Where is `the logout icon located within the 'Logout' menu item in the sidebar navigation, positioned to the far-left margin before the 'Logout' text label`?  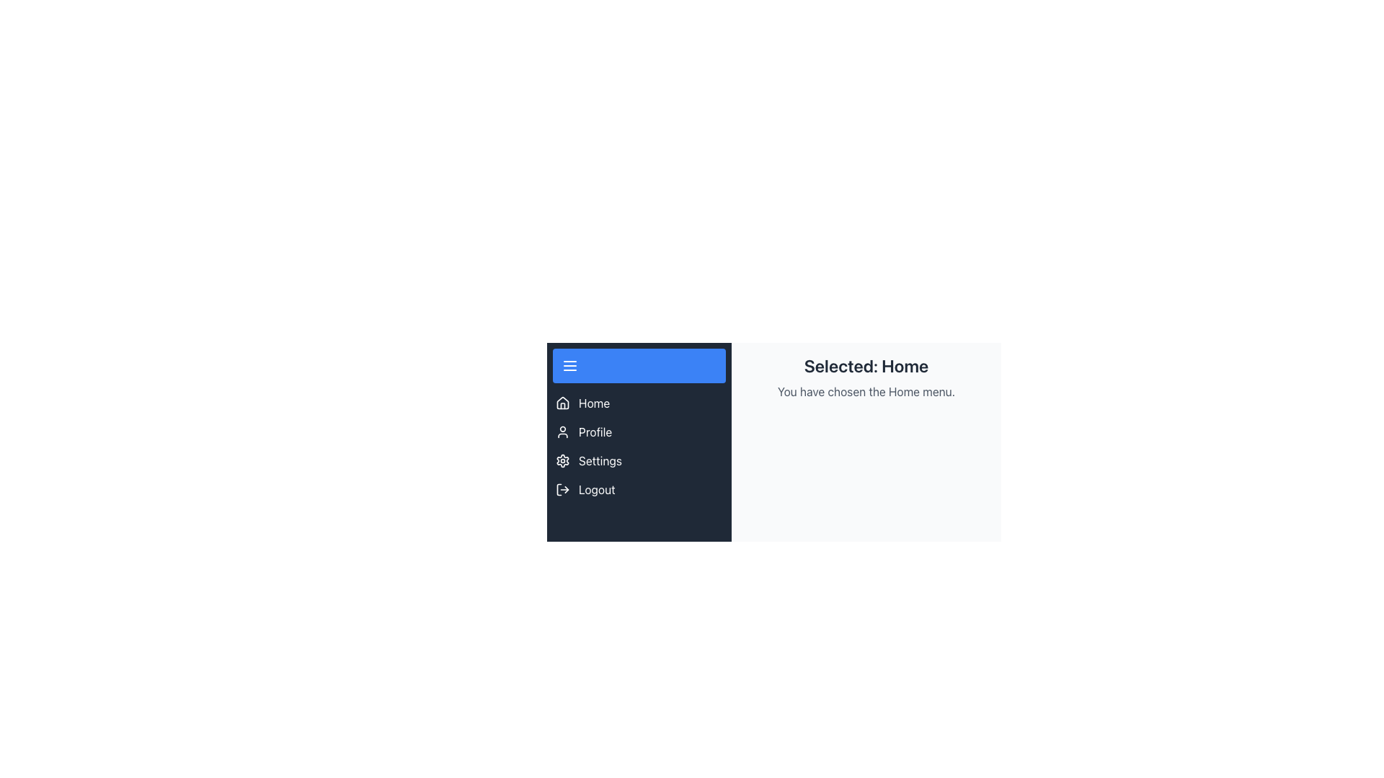
the logout icon located within the 'Logout' menu item in the sidebar navigation, positioned to the far-left margin before the 'Logout' text label is located at coordinates (562, 488).